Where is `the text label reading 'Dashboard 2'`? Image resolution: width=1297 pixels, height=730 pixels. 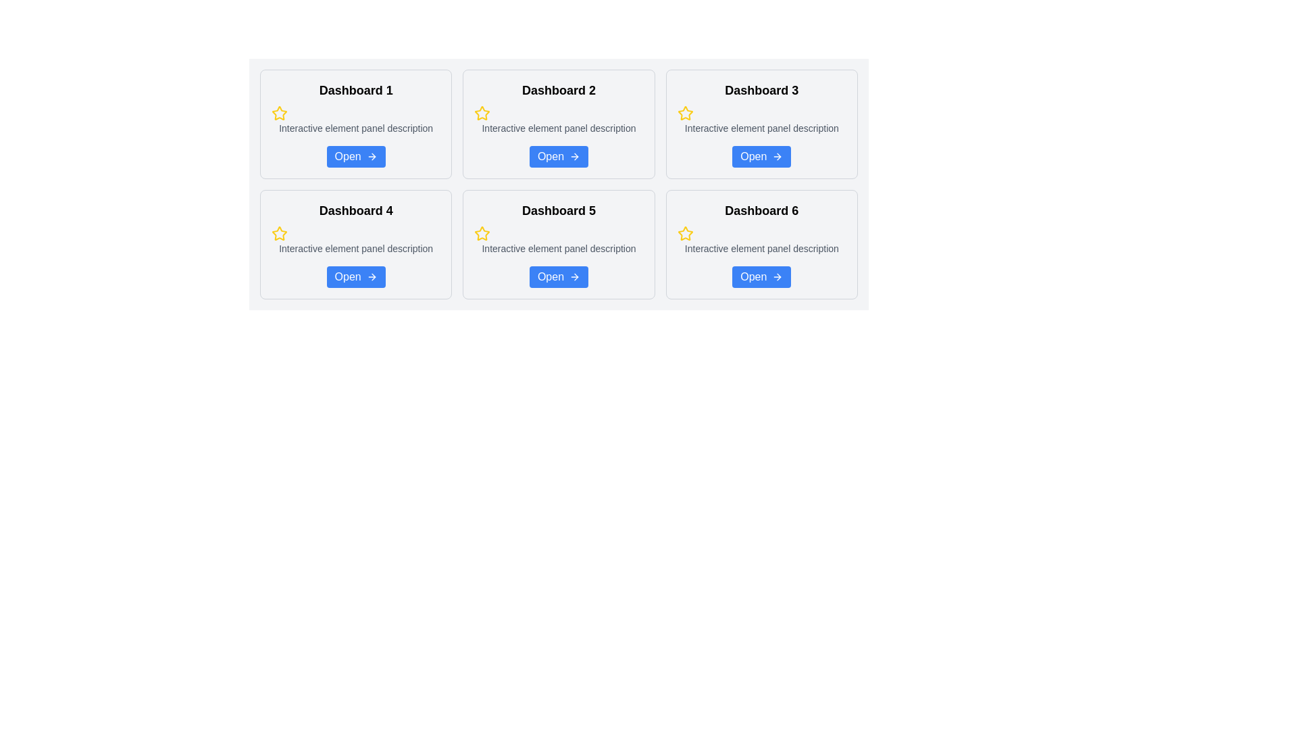 the text label reading 'Dashboard 2' is located at coordinates (559, 91).